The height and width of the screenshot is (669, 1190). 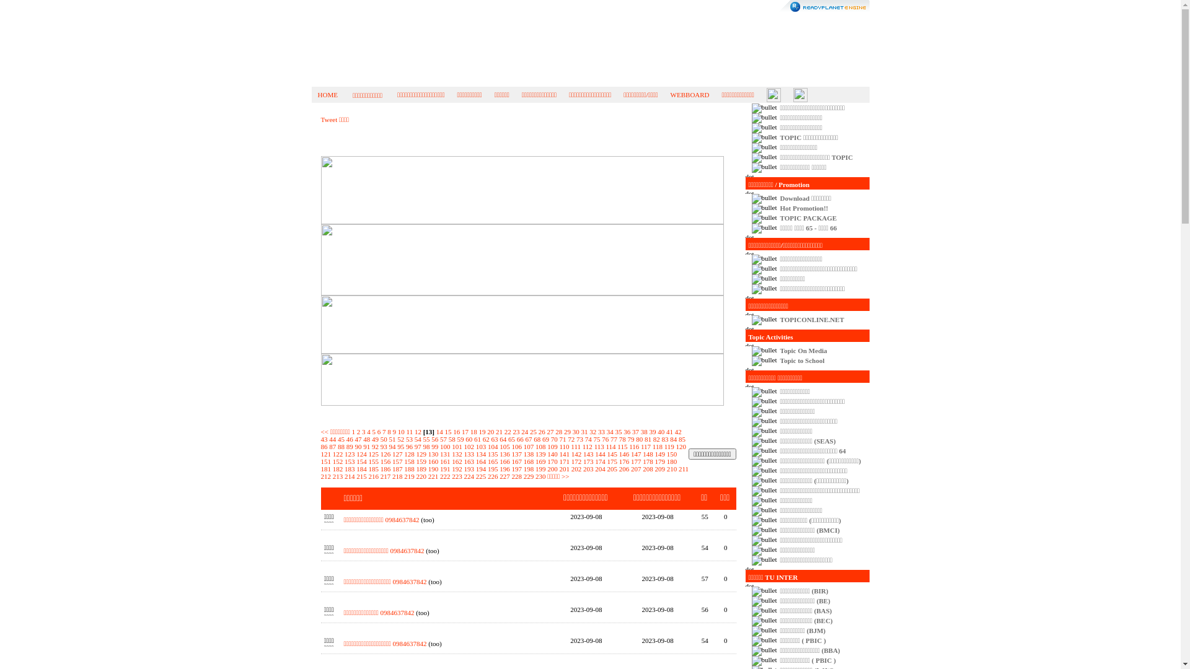 What do you see at coordinates (409, 447) in the screenshot?
I see `'96'` at bounding box center [409, 447].